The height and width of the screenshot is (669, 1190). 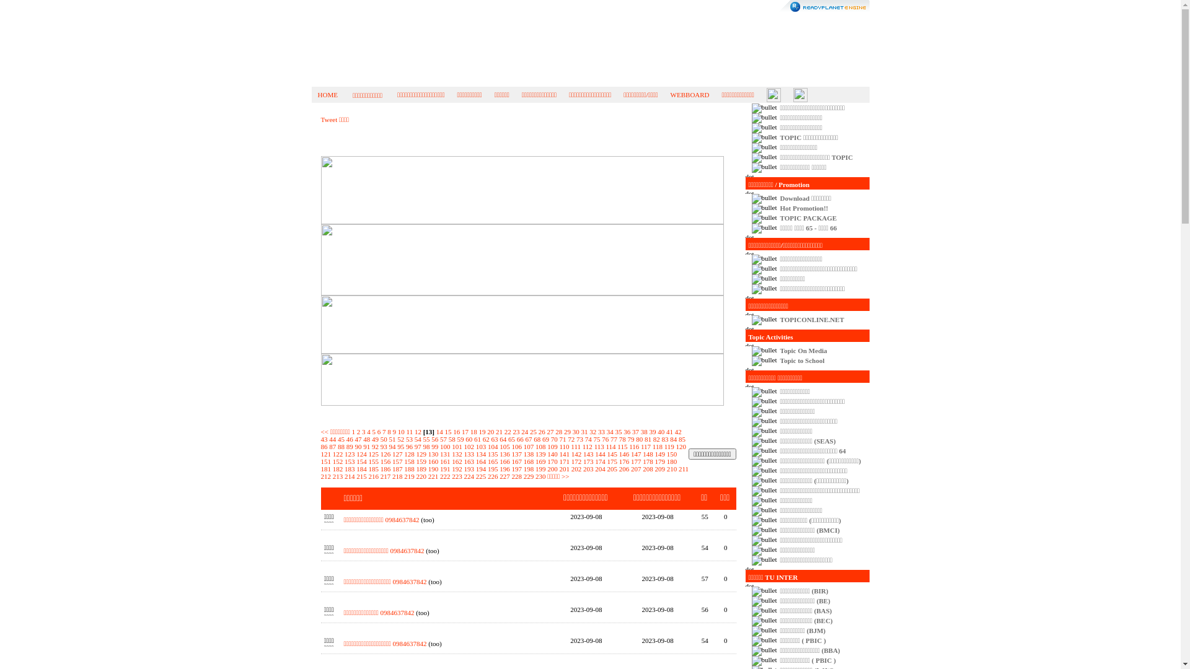 What do you see at coordinates (409, 447) in the screenshot?
I see `'96'` at bounding box center [409, 447].